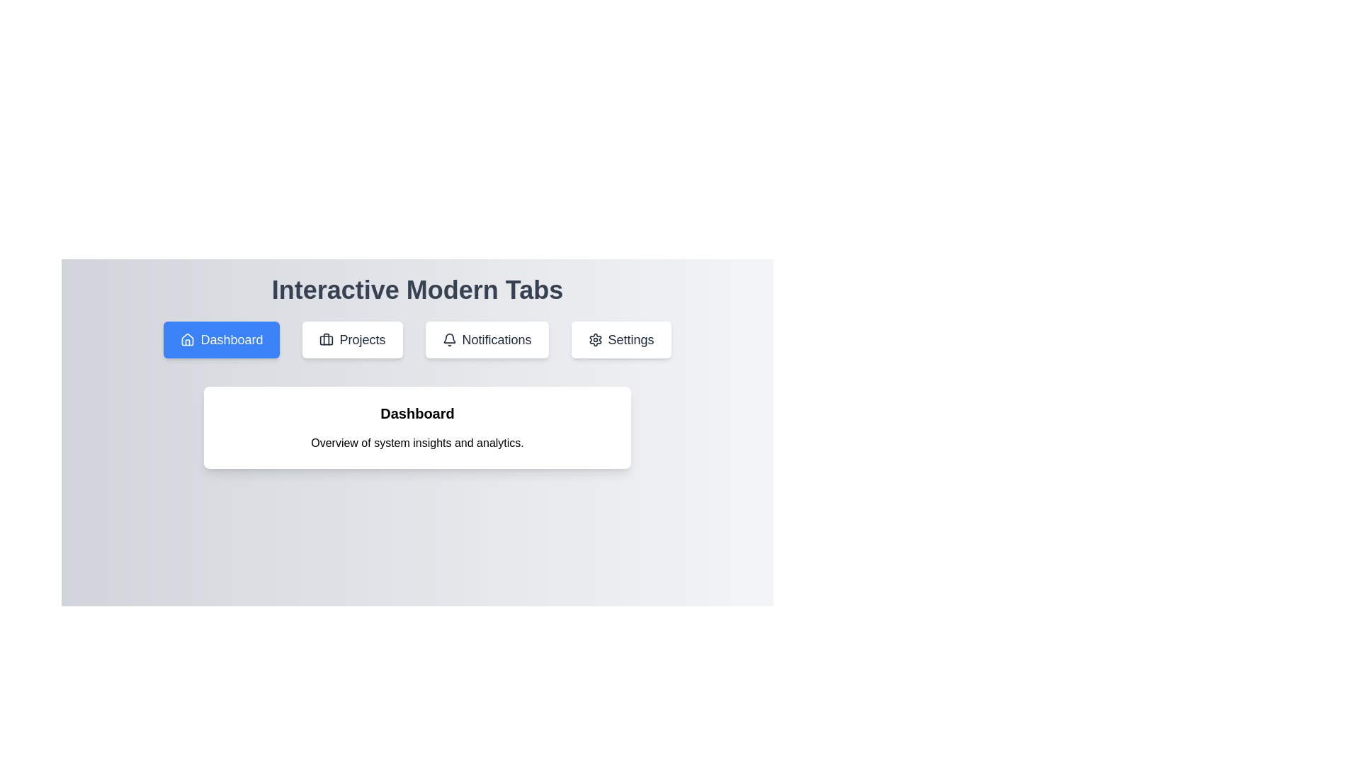 The width and height of the screenshot is (1360, 765). I want to click on the 'Projects' text label, which is styled in a bold font and located within a white rectangular button, positioned as the second item in a row of navigation buttons near the top of the interface, so click(363, 339).